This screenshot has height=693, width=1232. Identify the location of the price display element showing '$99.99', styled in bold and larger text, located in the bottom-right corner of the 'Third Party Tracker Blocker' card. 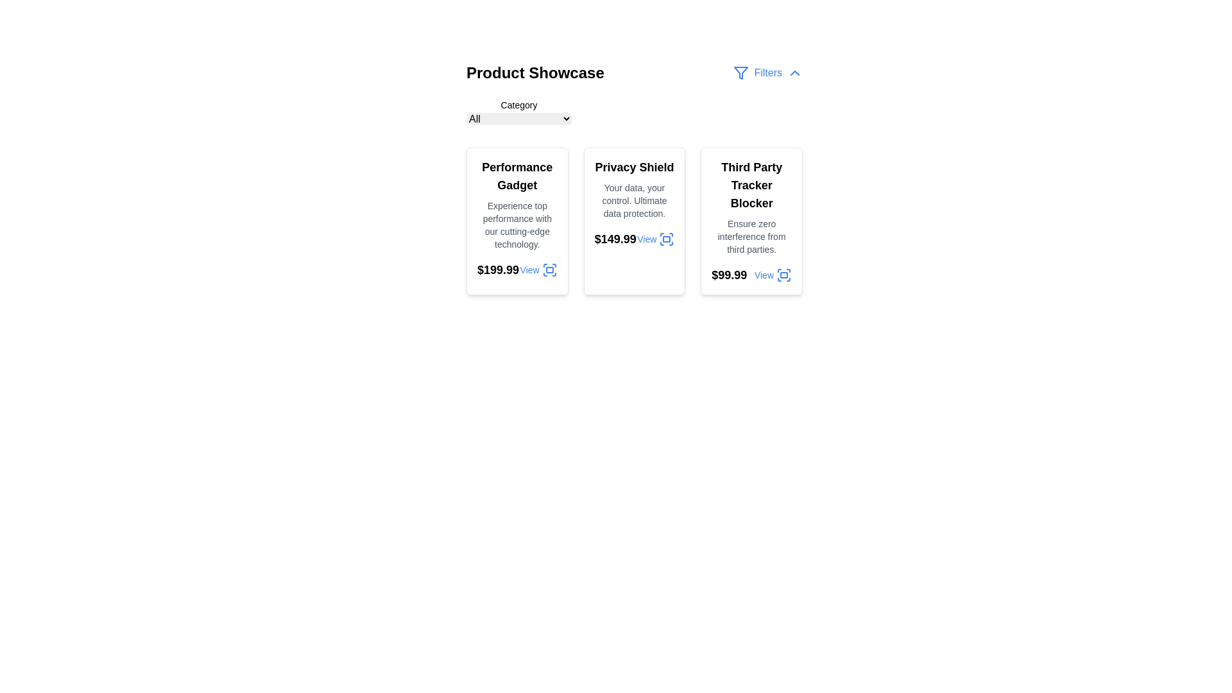
(729, 274).